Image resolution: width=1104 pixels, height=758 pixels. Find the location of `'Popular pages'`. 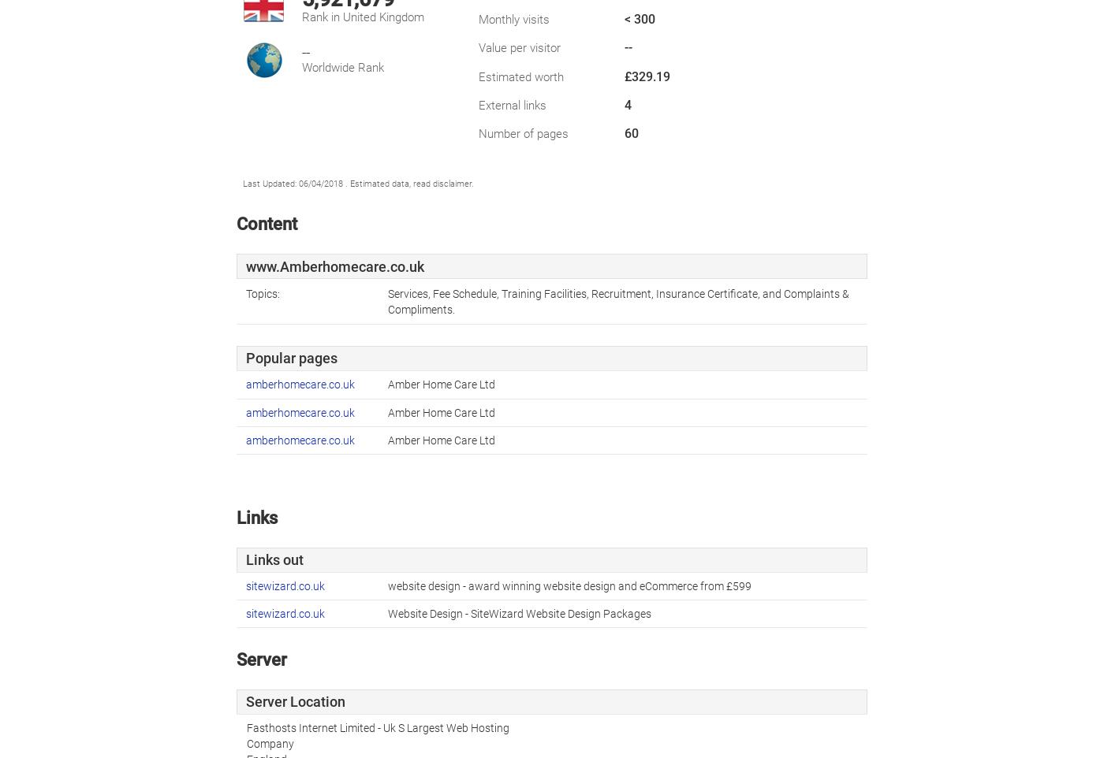

'Popular pages' is located at coordinates (246, 359).